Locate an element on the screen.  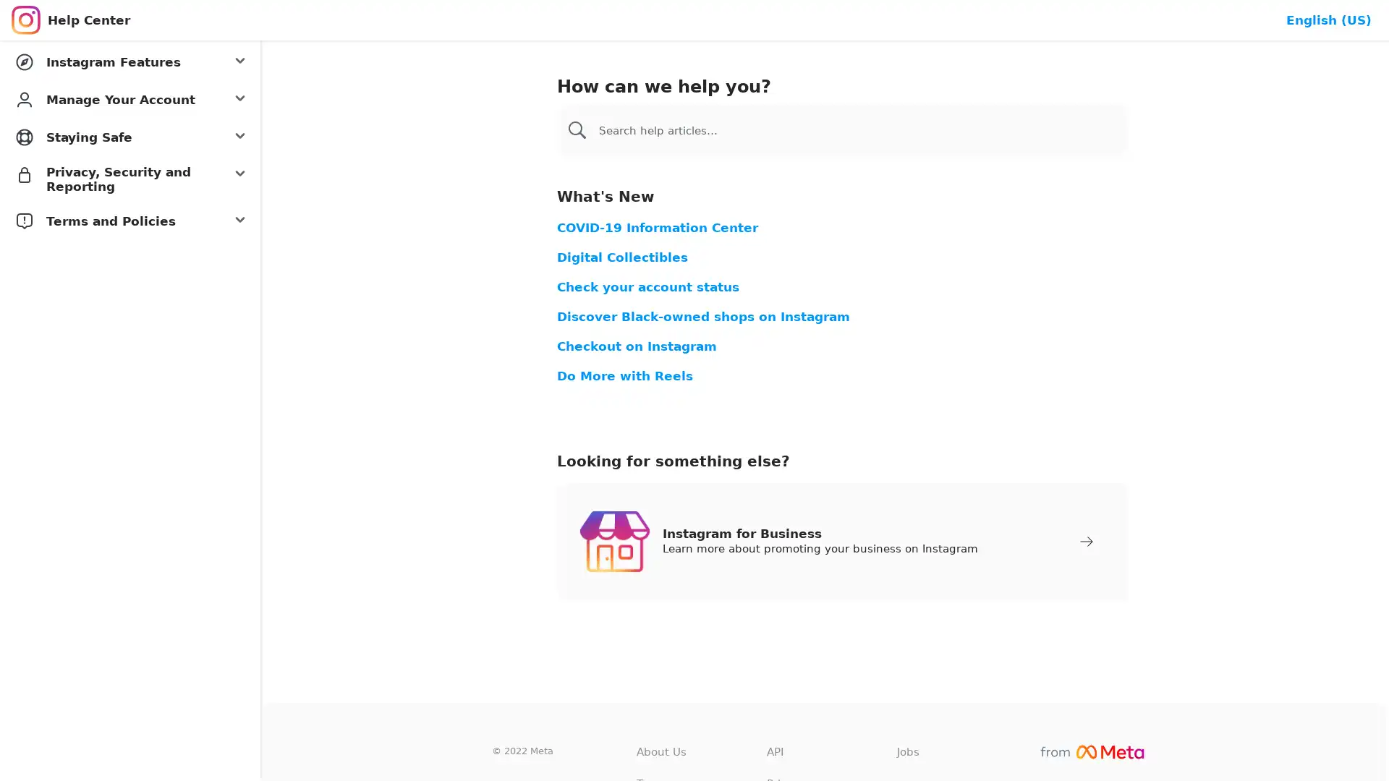
Privacy, Security and Reporting is located at coordinates (130, 178).